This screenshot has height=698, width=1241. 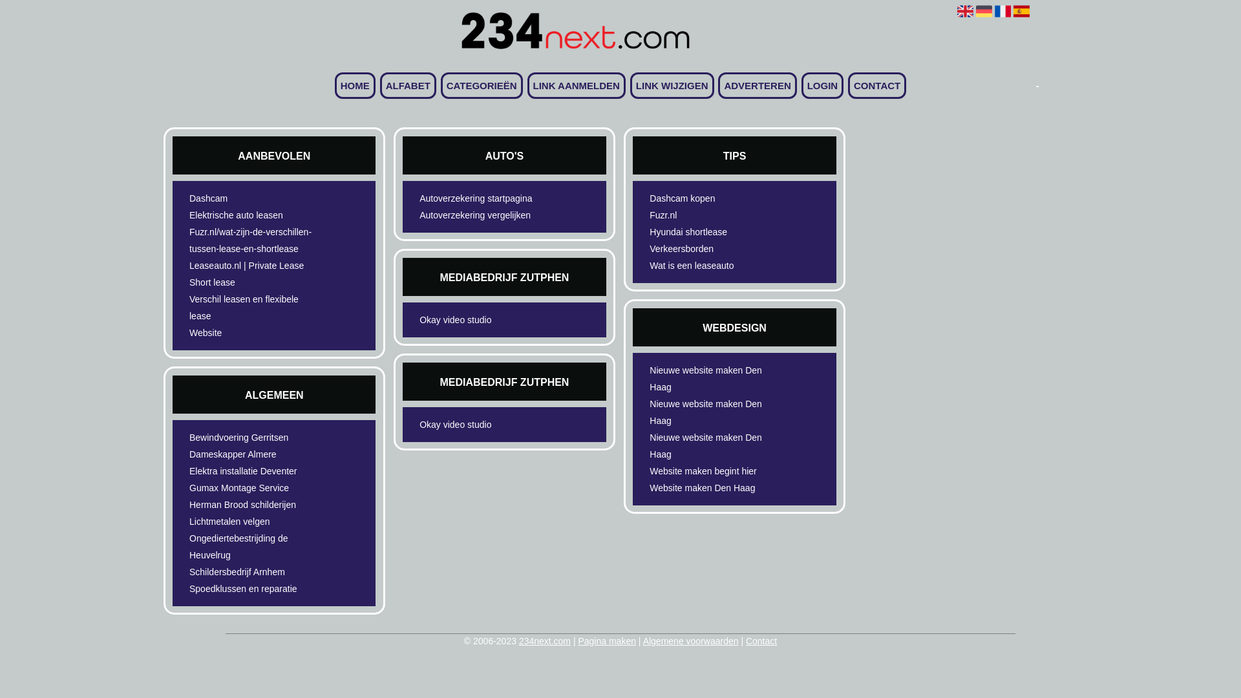 I want to click on 'Herman Brood schilderijen', so click(x=251, y=503).